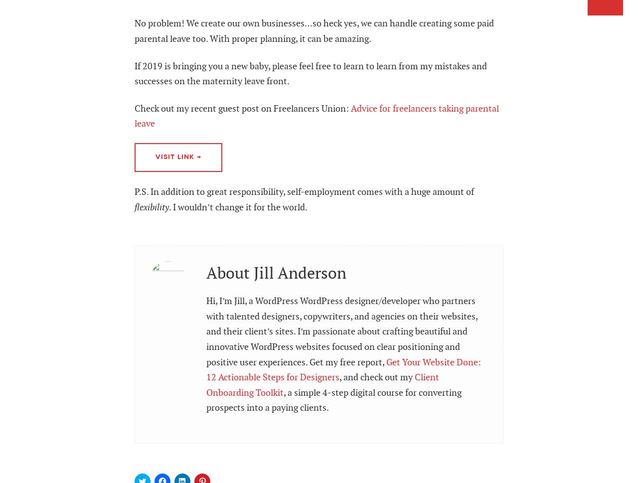 This screenshot has height=483, width=638. I want to click on ', a simple 4-step digital course for converting prospects into a paying clients.', so click(333, 400).